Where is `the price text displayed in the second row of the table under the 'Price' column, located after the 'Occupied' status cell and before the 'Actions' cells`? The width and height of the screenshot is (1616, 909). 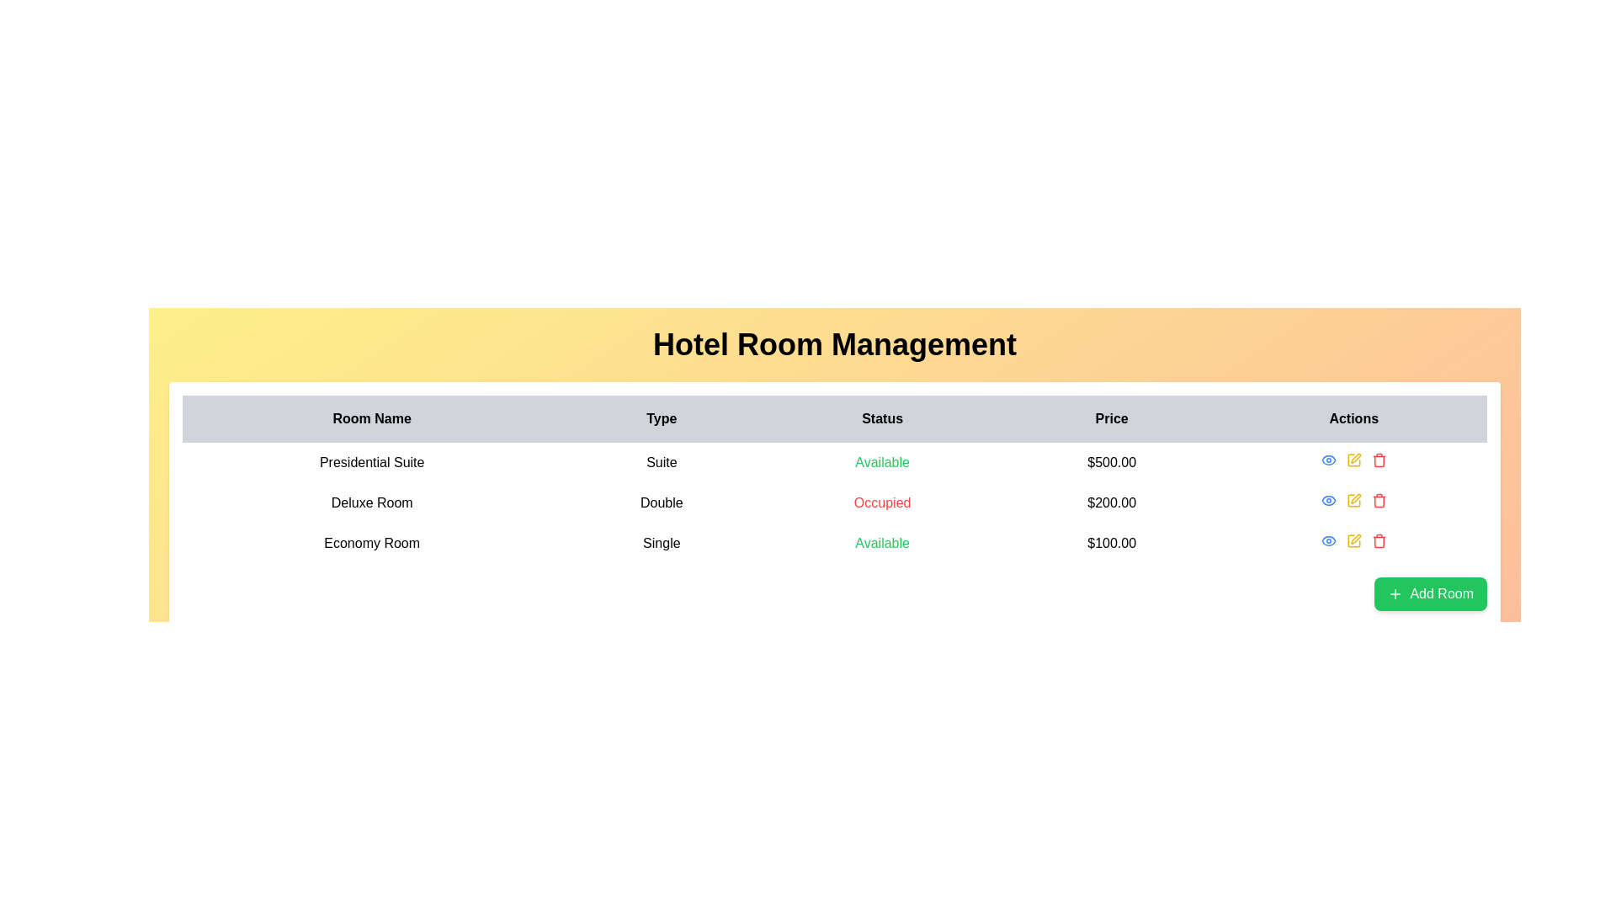 the price text displayed in the second row of the table under the 'Price' column, located after the 'Occupied' status cell and before the 'Actions' cells is located at coordinates (1112, 502).